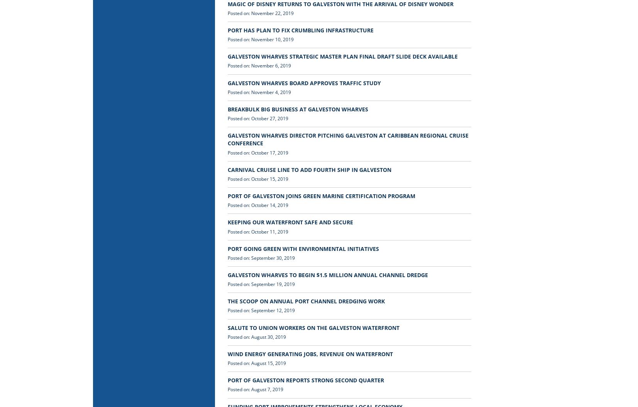  I want to click on 'WIND ENERGY GENERATING JOBS, REVENUE ON WATERFRONT', so click(310, 353).